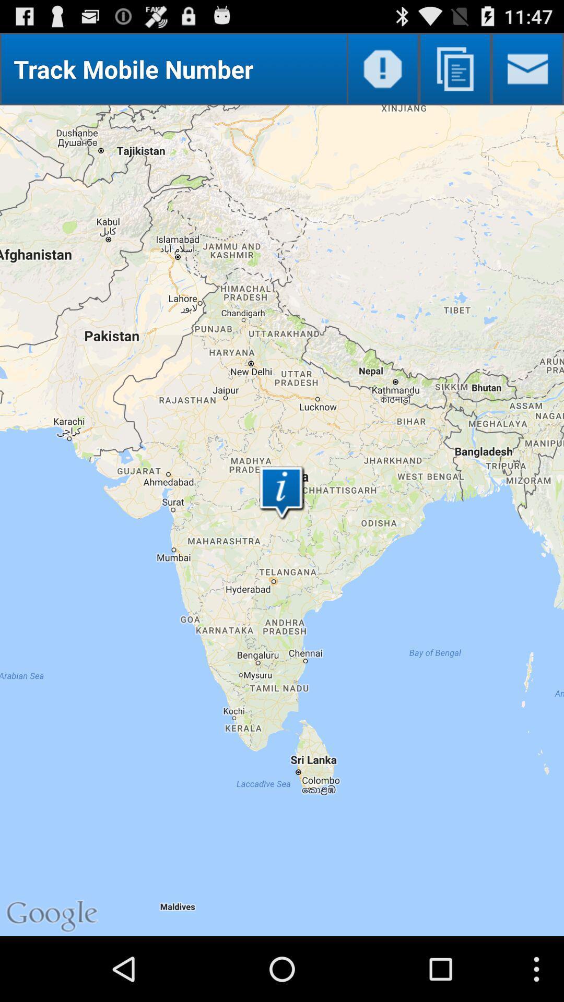  Describe the element at coordinates (527, 73) in the screenshot. I see `the email icon` at that location.